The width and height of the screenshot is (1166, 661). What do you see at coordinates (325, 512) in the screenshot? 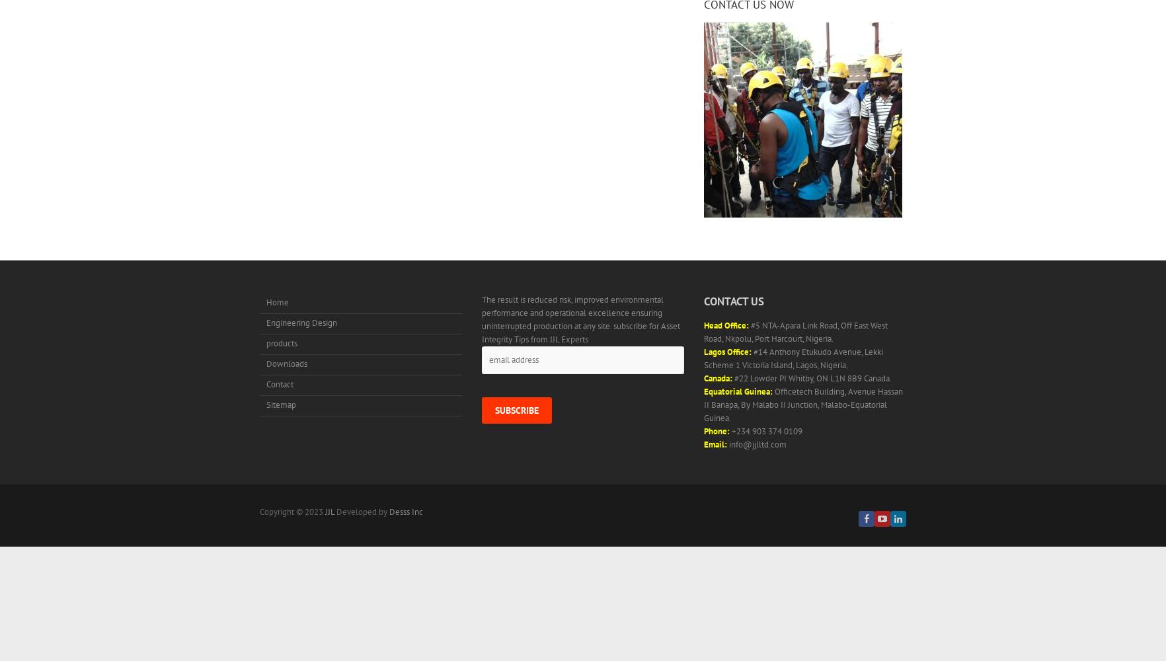
I see `'JJL'` at bounding box center [325, 512].